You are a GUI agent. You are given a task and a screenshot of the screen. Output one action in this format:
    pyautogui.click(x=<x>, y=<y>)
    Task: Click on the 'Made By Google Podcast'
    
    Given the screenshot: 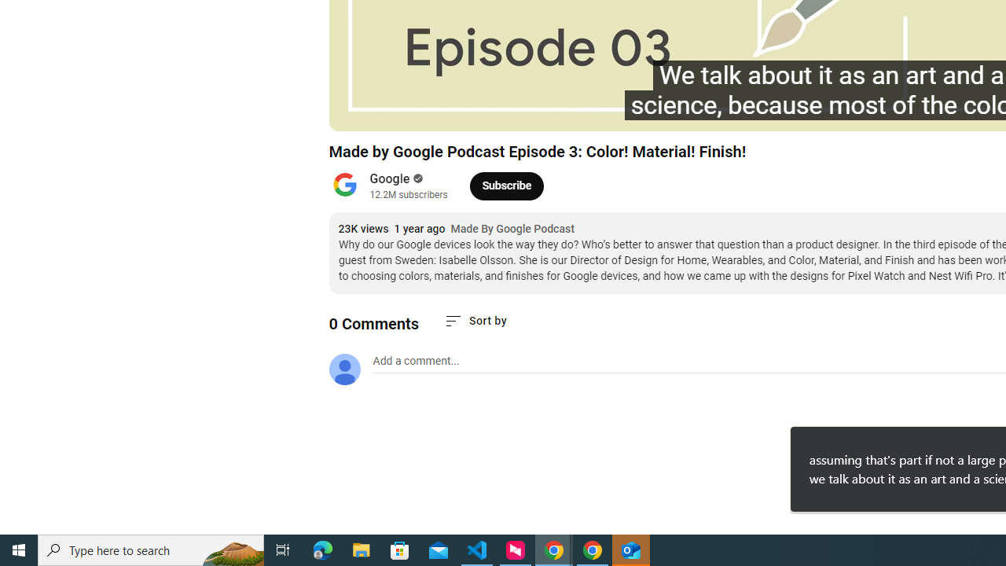 What is the action you would take?
    pyautogui.click(x=512, y=229)
    